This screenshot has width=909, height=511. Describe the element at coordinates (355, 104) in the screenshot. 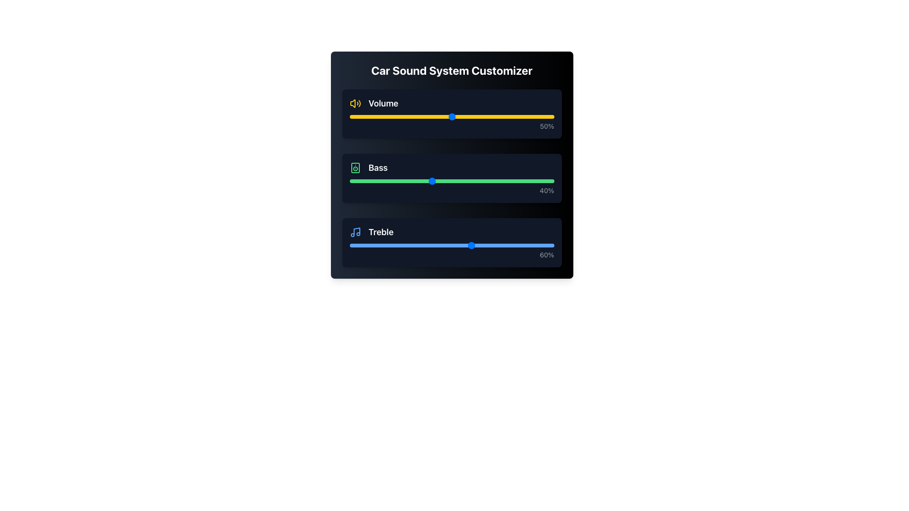

I see `the sound or volume settings icon located to the left of the 'Volume' label in the first row of the settings interface` at that location.